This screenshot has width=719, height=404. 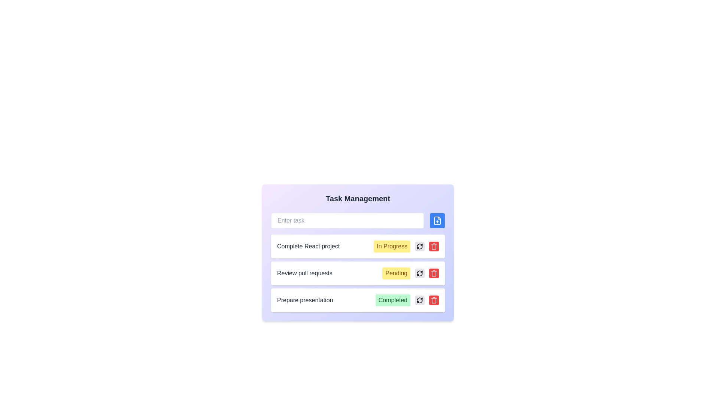 What do you see at coordinates (420, 273) in the screenshot?
I see `the refresh/retry button located in the second row of task entries, next to the 'Pending' status indicator` at bounding box center [420, 273].